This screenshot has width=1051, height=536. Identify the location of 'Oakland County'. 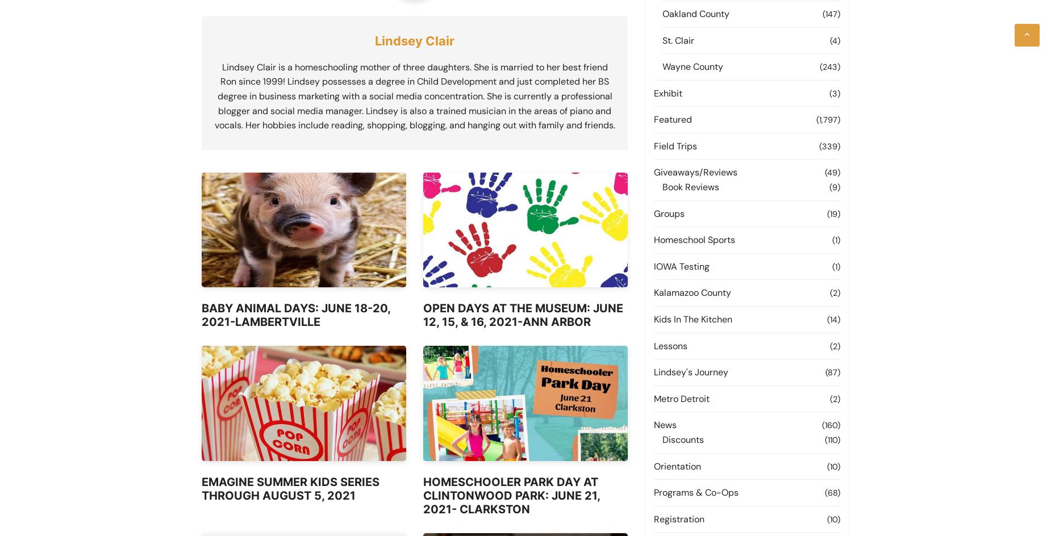
(695, 13).